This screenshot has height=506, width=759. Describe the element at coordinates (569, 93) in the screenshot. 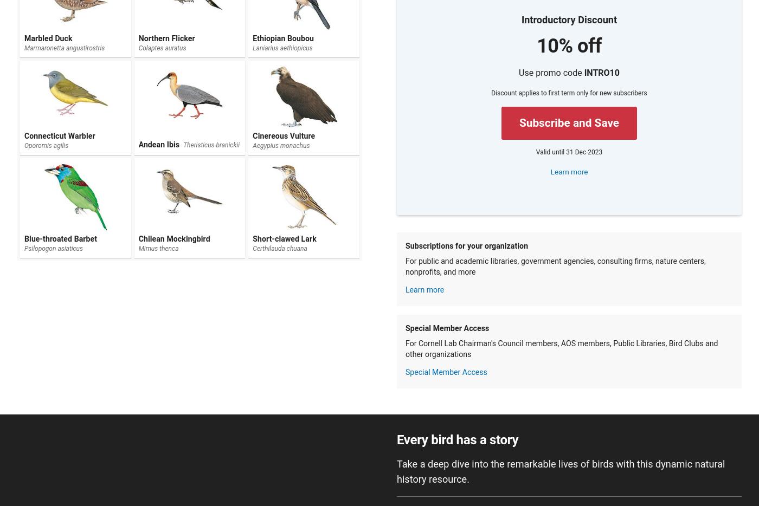

I see `'Discount applies to first term only for new subscribers'` at that location.